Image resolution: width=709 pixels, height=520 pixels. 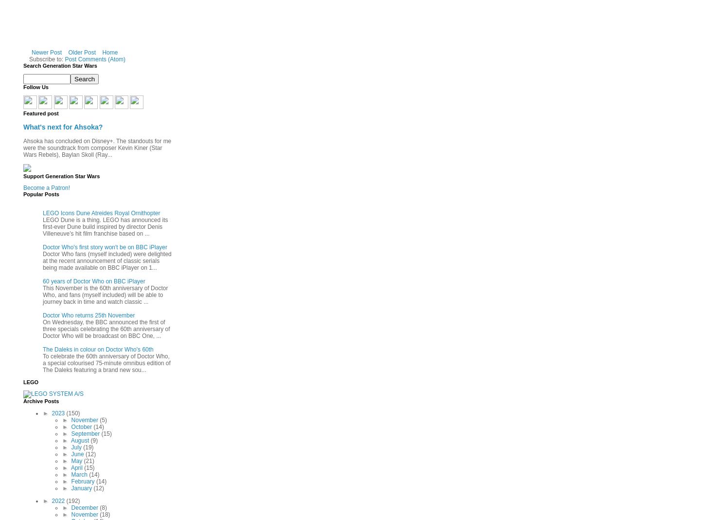 I want to click on 'Featured post', so click(x=40, y=112).